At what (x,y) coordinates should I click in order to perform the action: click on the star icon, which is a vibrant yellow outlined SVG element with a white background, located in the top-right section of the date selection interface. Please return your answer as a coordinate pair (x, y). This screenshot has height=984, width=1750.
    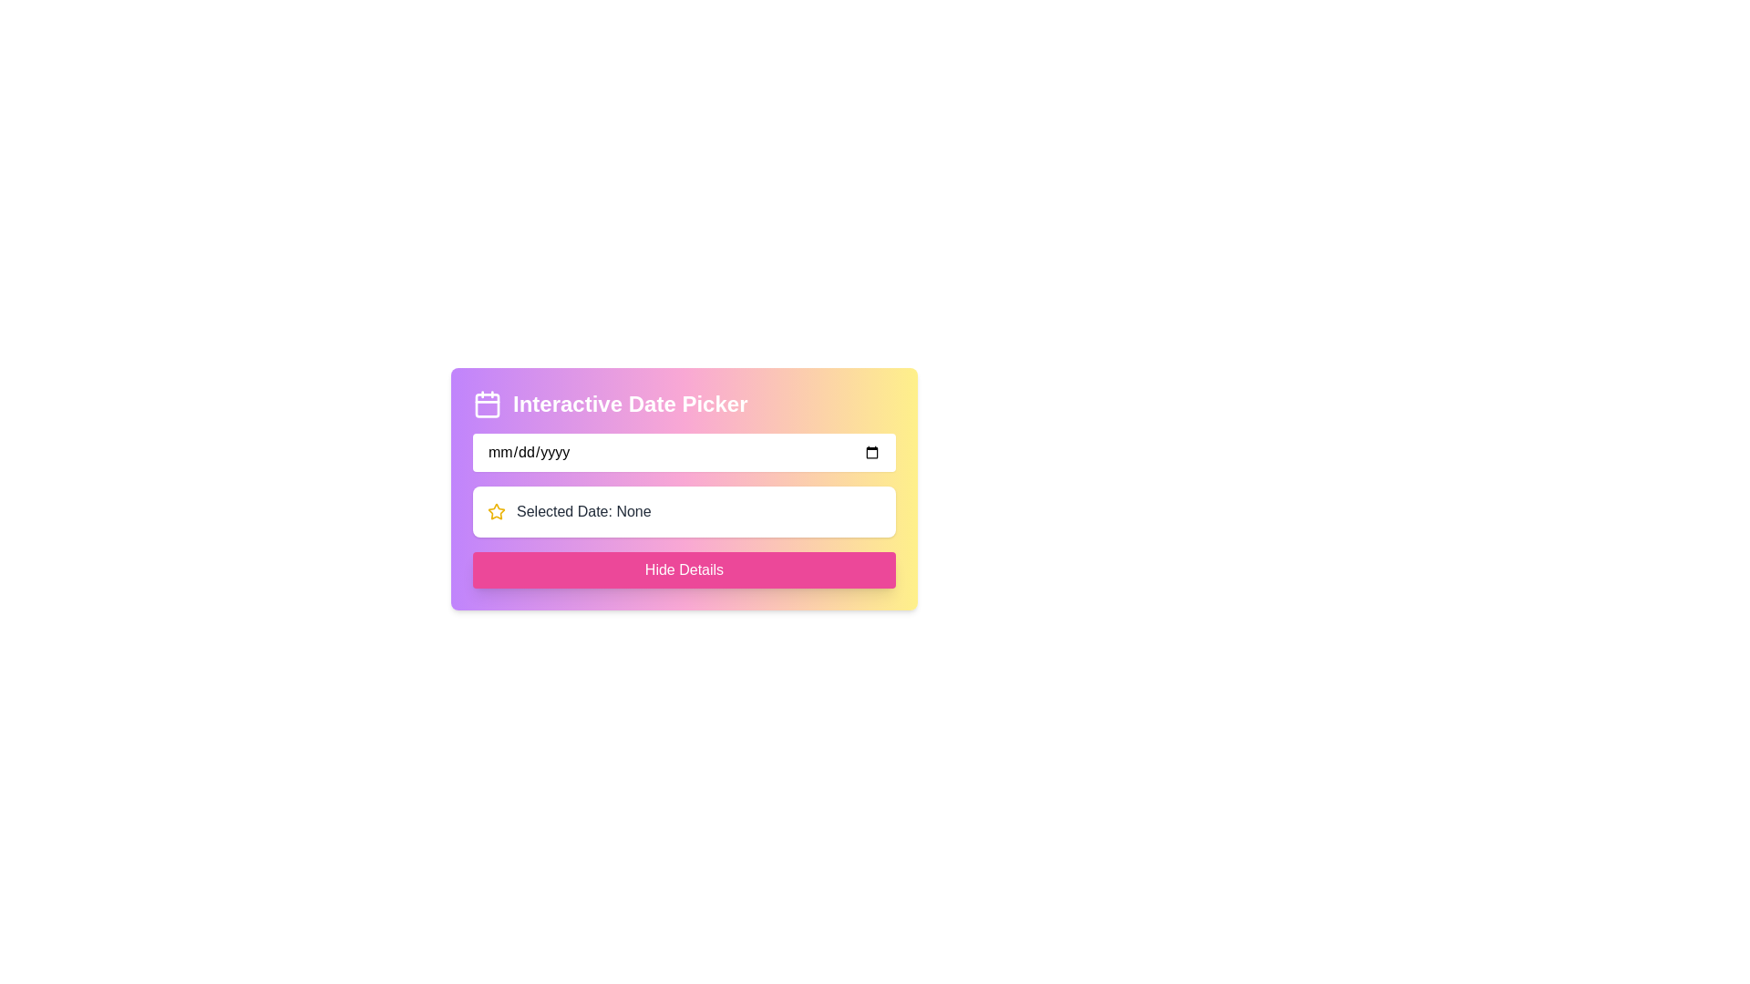
    Looking at the image, I should click on (497, 511).